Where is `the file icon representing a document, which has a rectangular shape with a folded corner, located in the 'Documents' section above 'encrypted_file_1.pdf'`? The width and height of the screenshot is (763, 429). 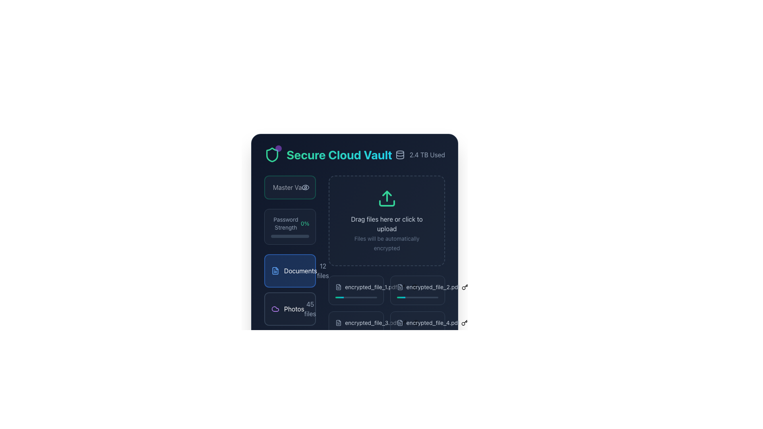 the file icon representing a document, which has a rectangular shape with a folded corner, located in the 'Documents' section above 'encrypted_file_1.pdf' is located at coordinates (339, 287).